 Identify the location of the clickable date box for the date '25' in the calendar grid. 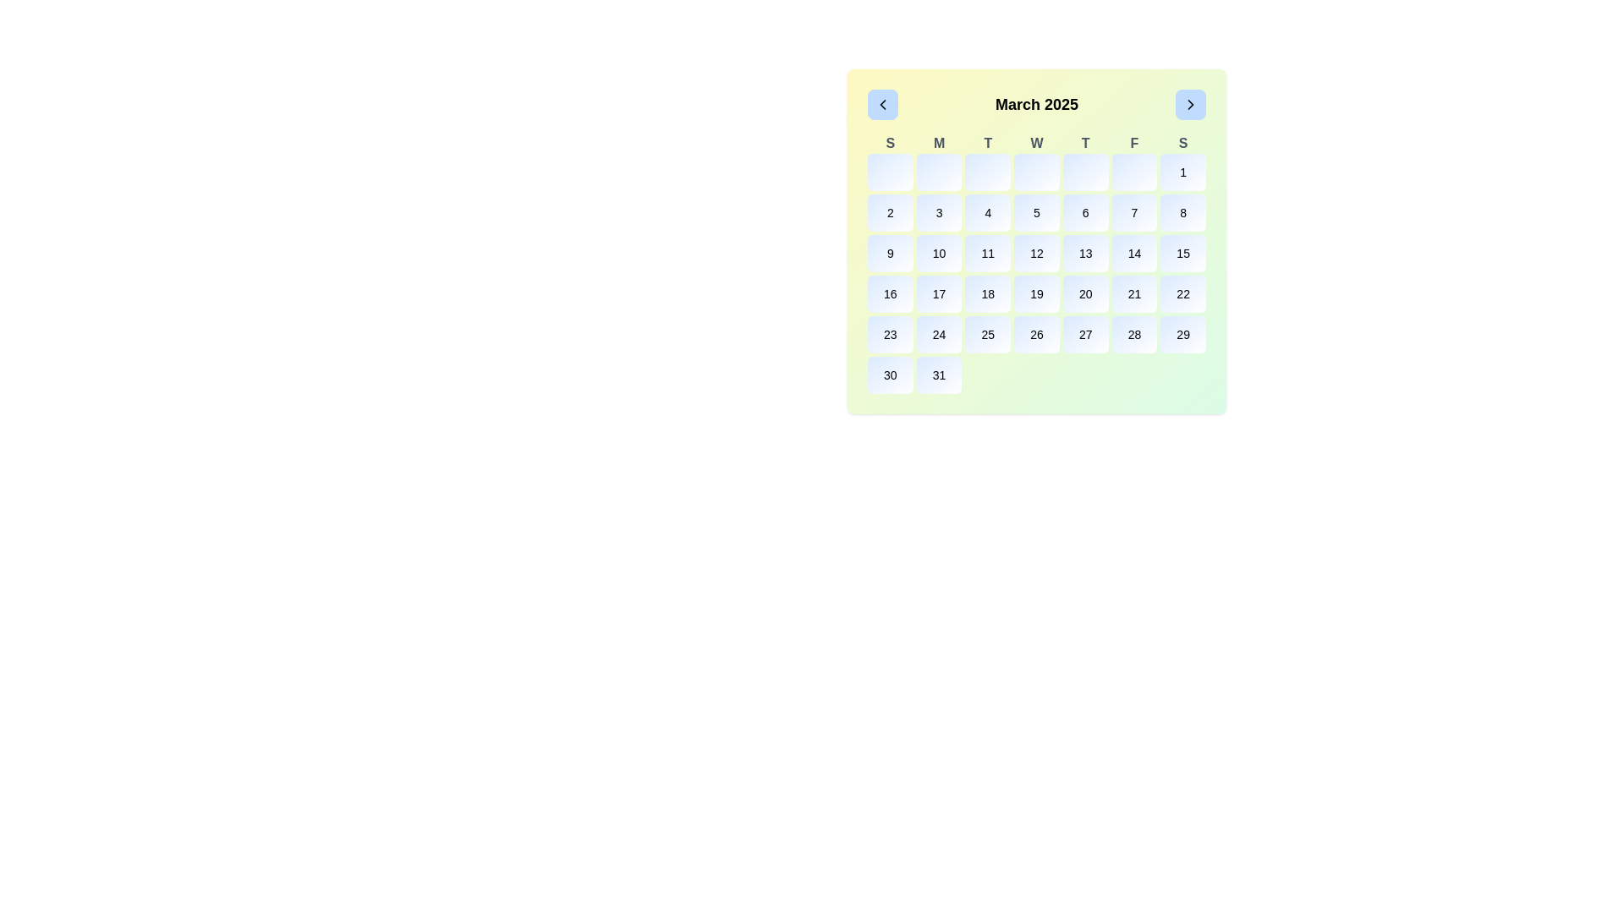
(988, 335).